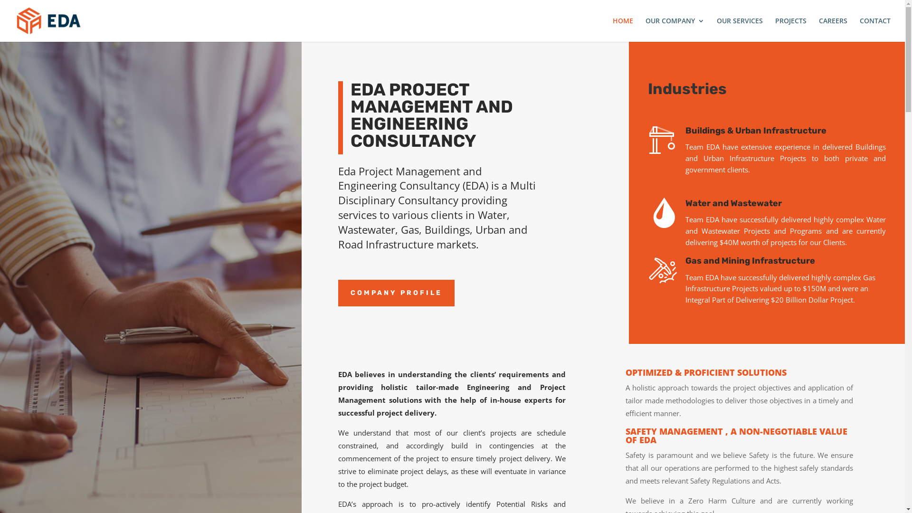  Describe the element at coordinates (832, 29) in the screenshot. I see `'CAREERS'` at that location.